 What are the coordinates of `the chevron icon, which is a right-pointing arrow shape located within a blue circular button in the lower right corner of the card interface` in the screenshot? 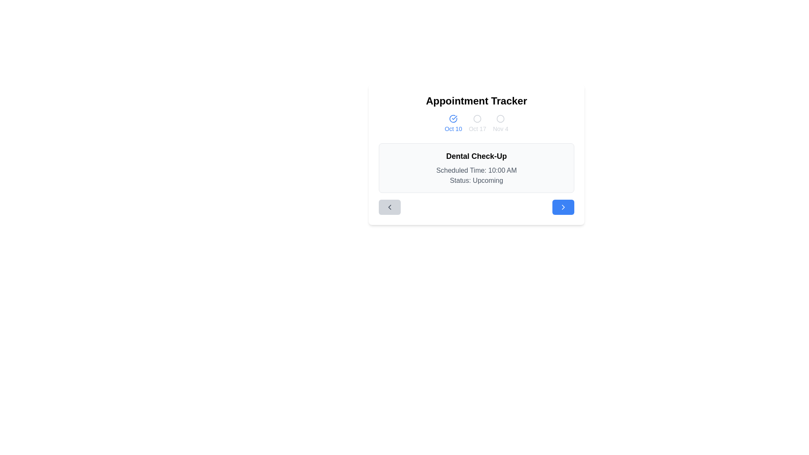 It's located at (563, 207).